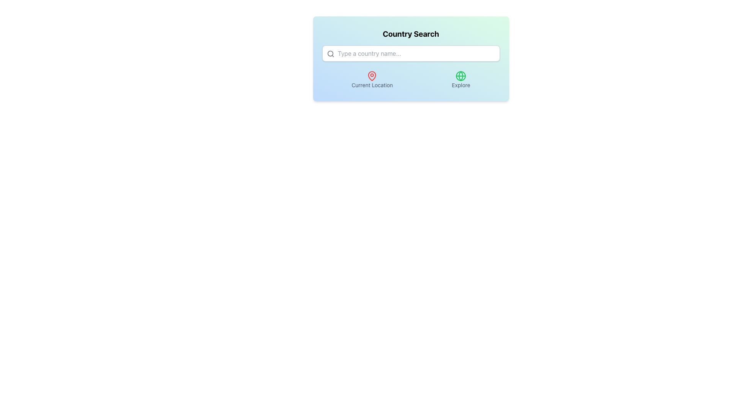 Image resolution: width=735 pixels, height=413 pixels. Describe the element at coordinates (461, 76) in the screenshot. I see `the SVG circle that forms the circular base of the 'Explore' icon, located to the right of the 'Explore' text and slightly below the search bar` at that location.